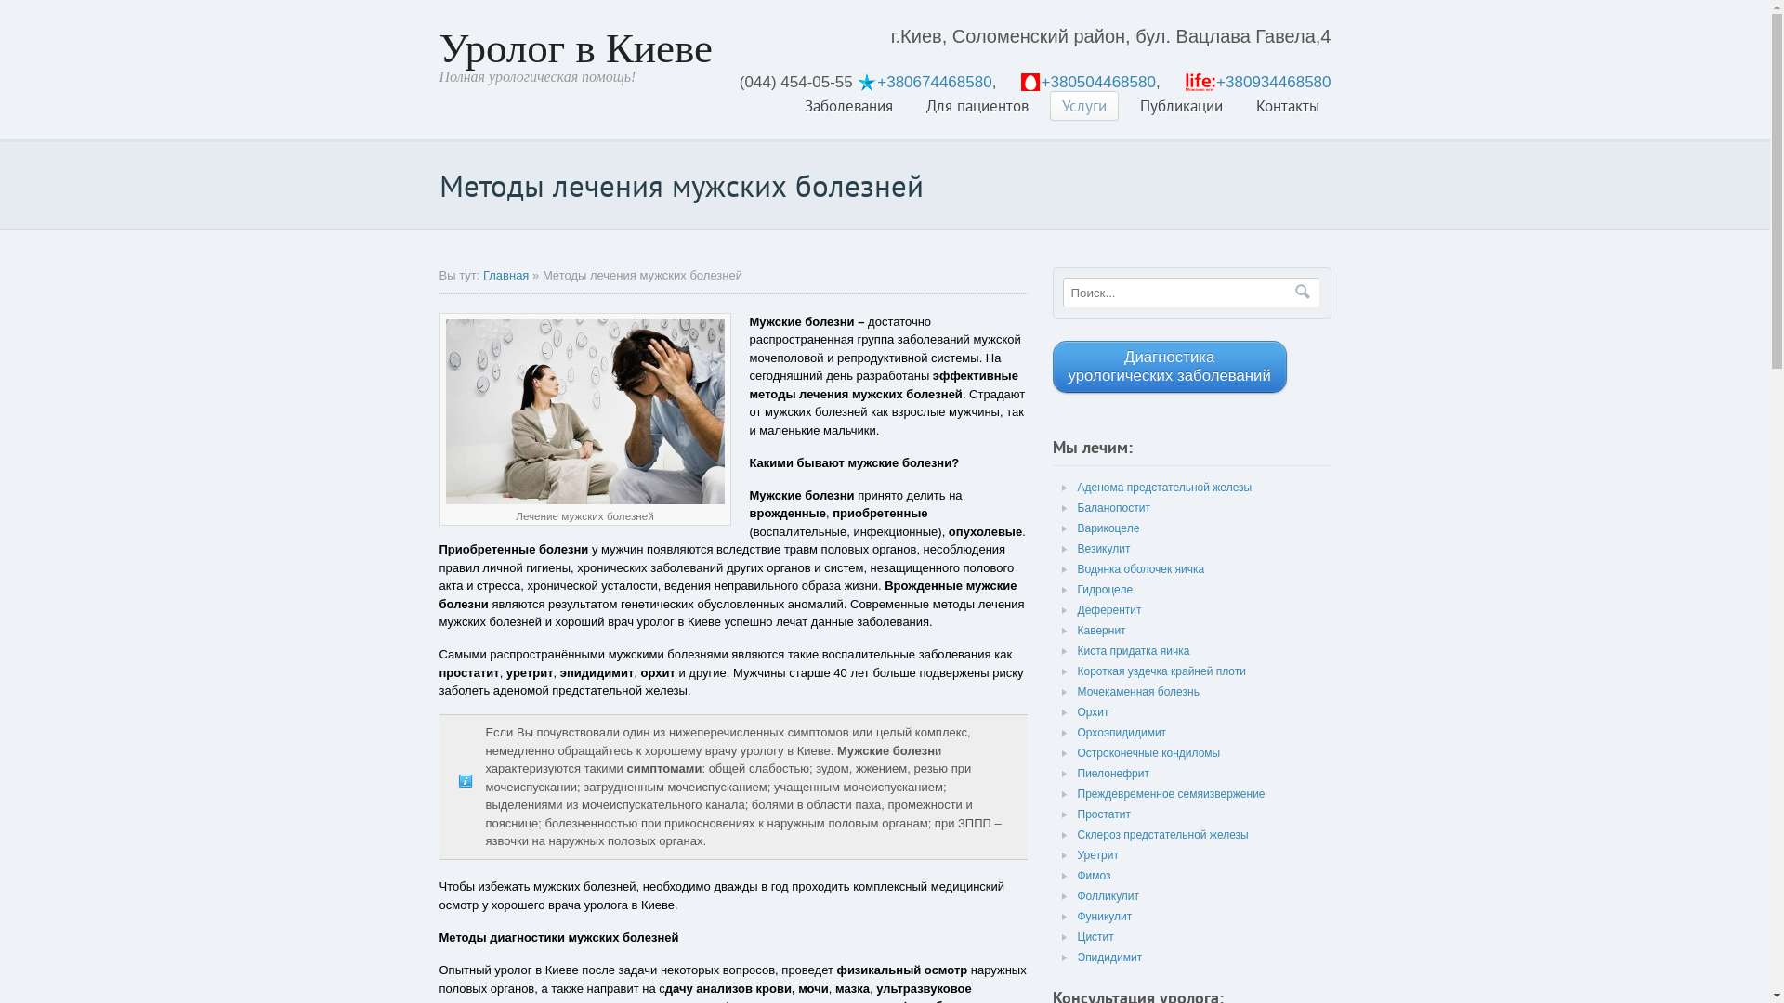 This screenshot has width=1784, height=1003. I want to click on '+380504468580', so click(1098, 81).